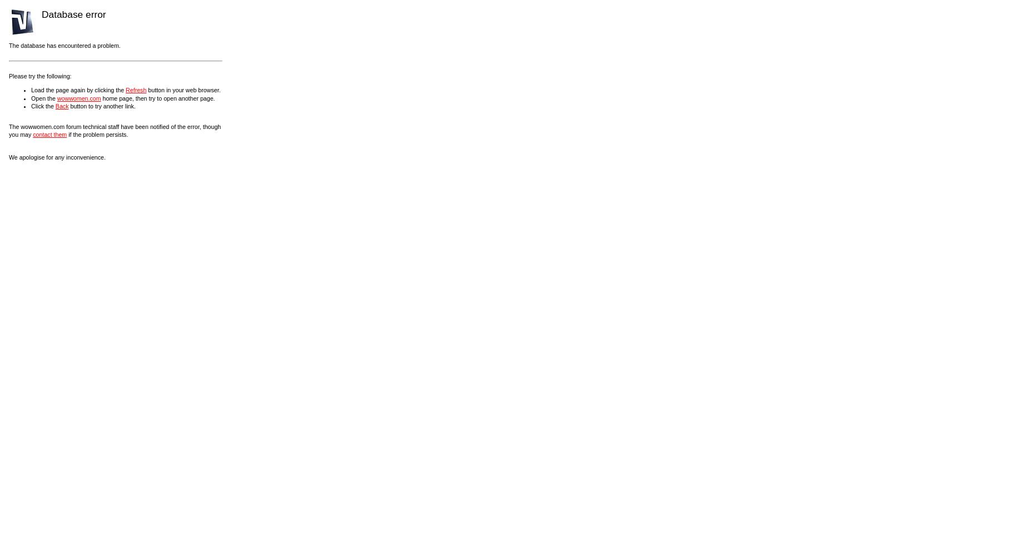  What do you see at coordinates (32, 134) in the screenshot?
I see `'contact them'` at bounding box center [32, 134].